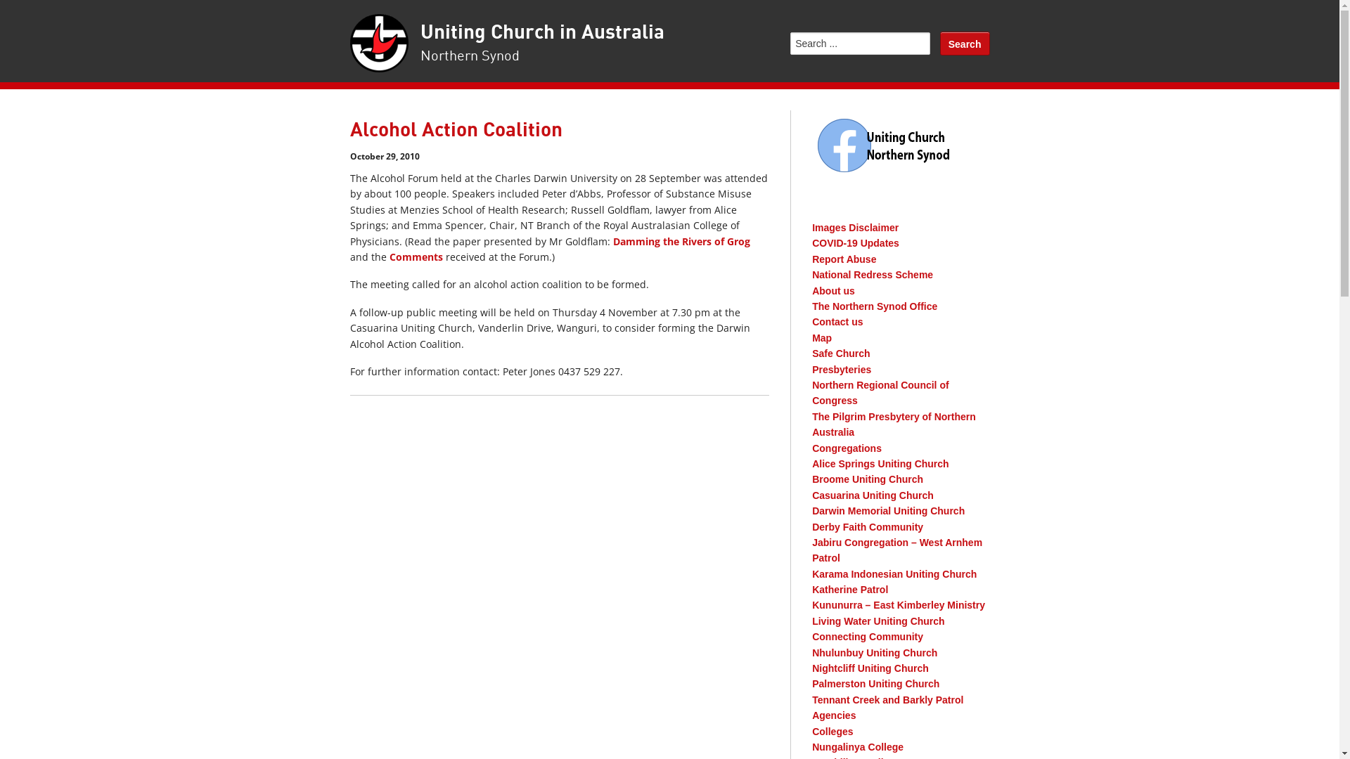 This screenshot has height=759, width=1350. I want to click on 'Nungalinya College', so click(856, 746).